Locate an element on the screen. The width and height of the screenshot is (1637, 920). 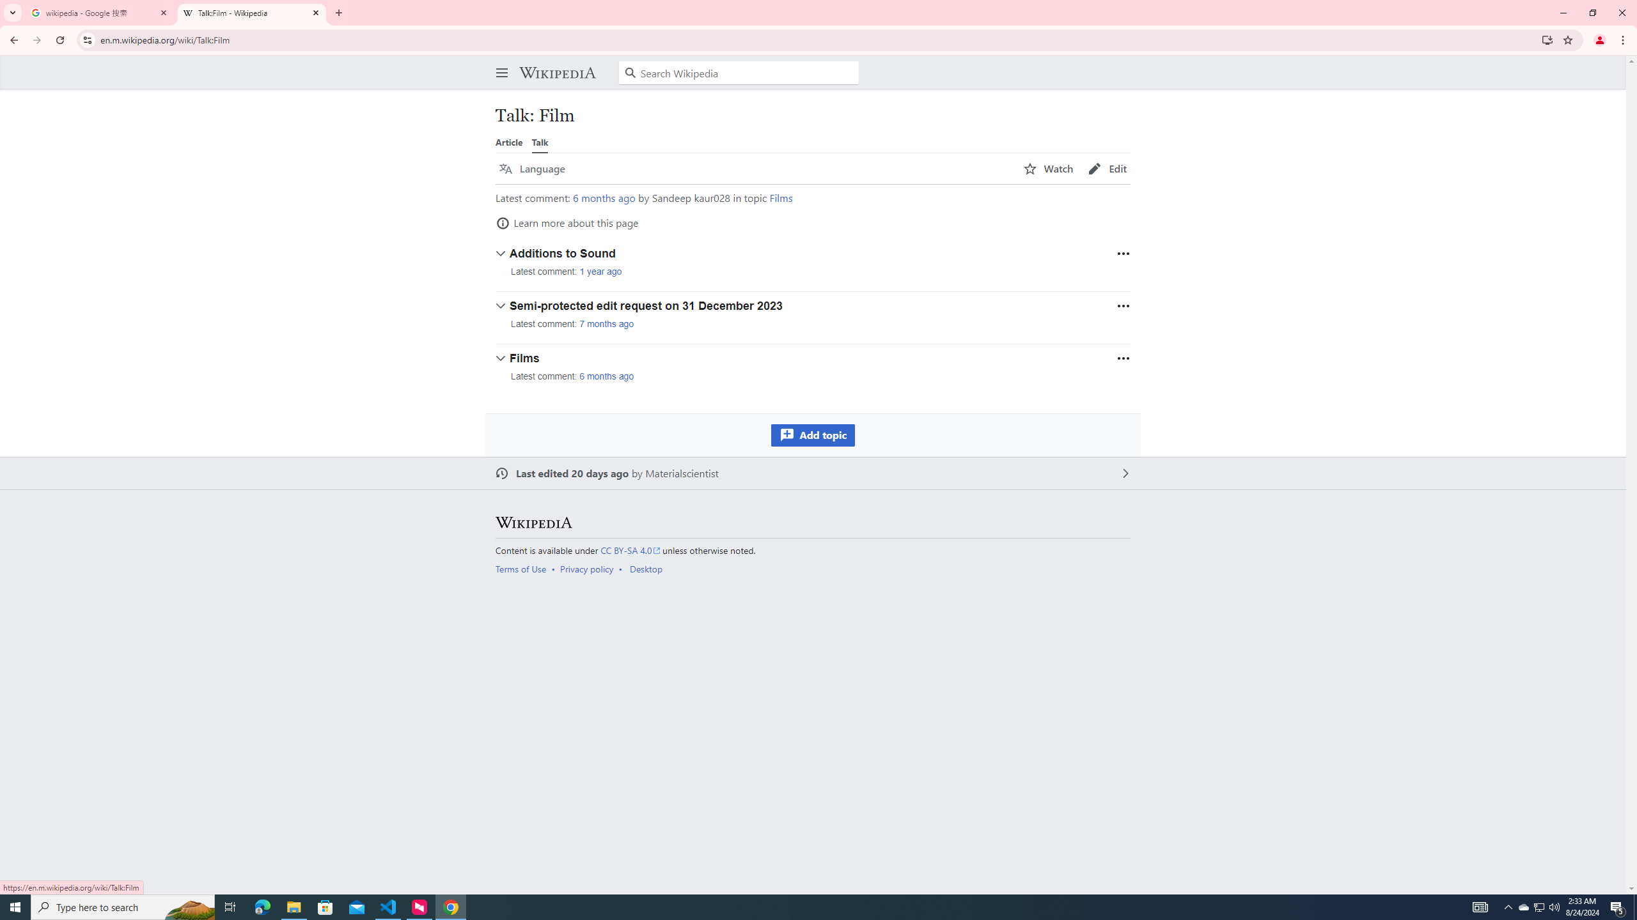
'Last edited 20 days ago by Materialscientist' is located at coordinates (813, 473).